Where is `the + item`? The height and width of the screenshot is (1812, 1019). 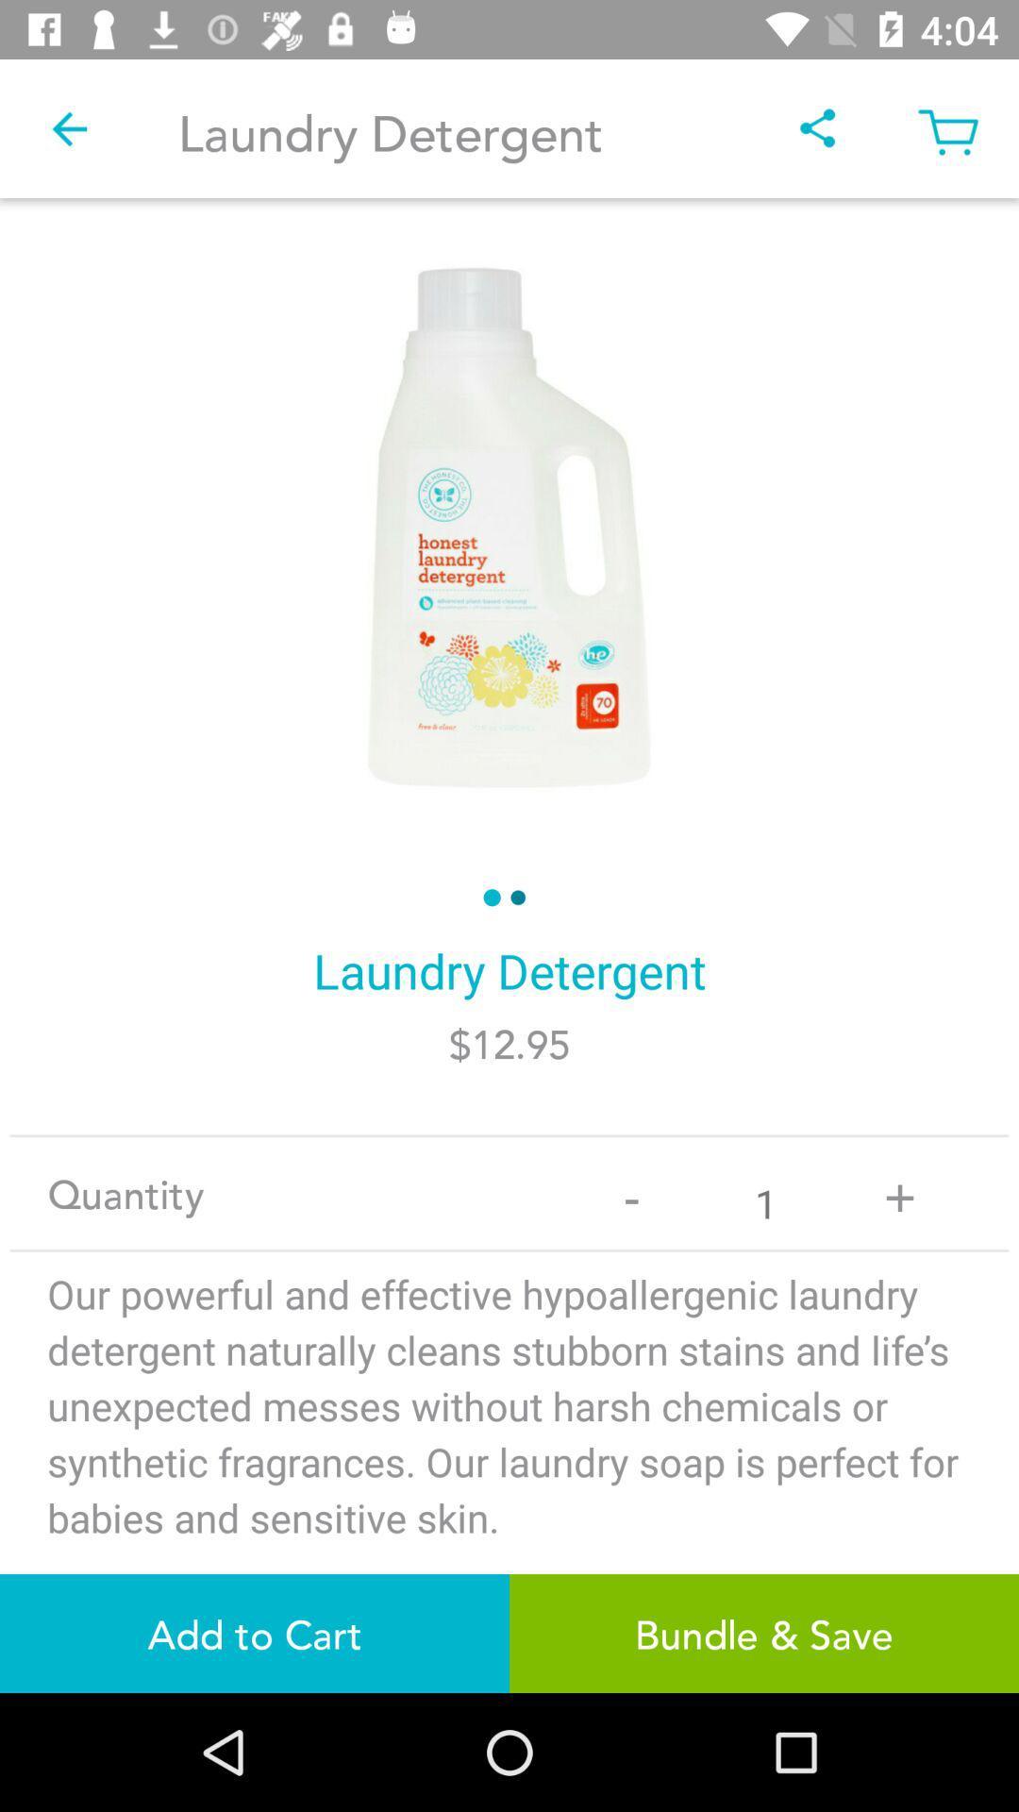
the + item is located at coordinates (898, 1192).